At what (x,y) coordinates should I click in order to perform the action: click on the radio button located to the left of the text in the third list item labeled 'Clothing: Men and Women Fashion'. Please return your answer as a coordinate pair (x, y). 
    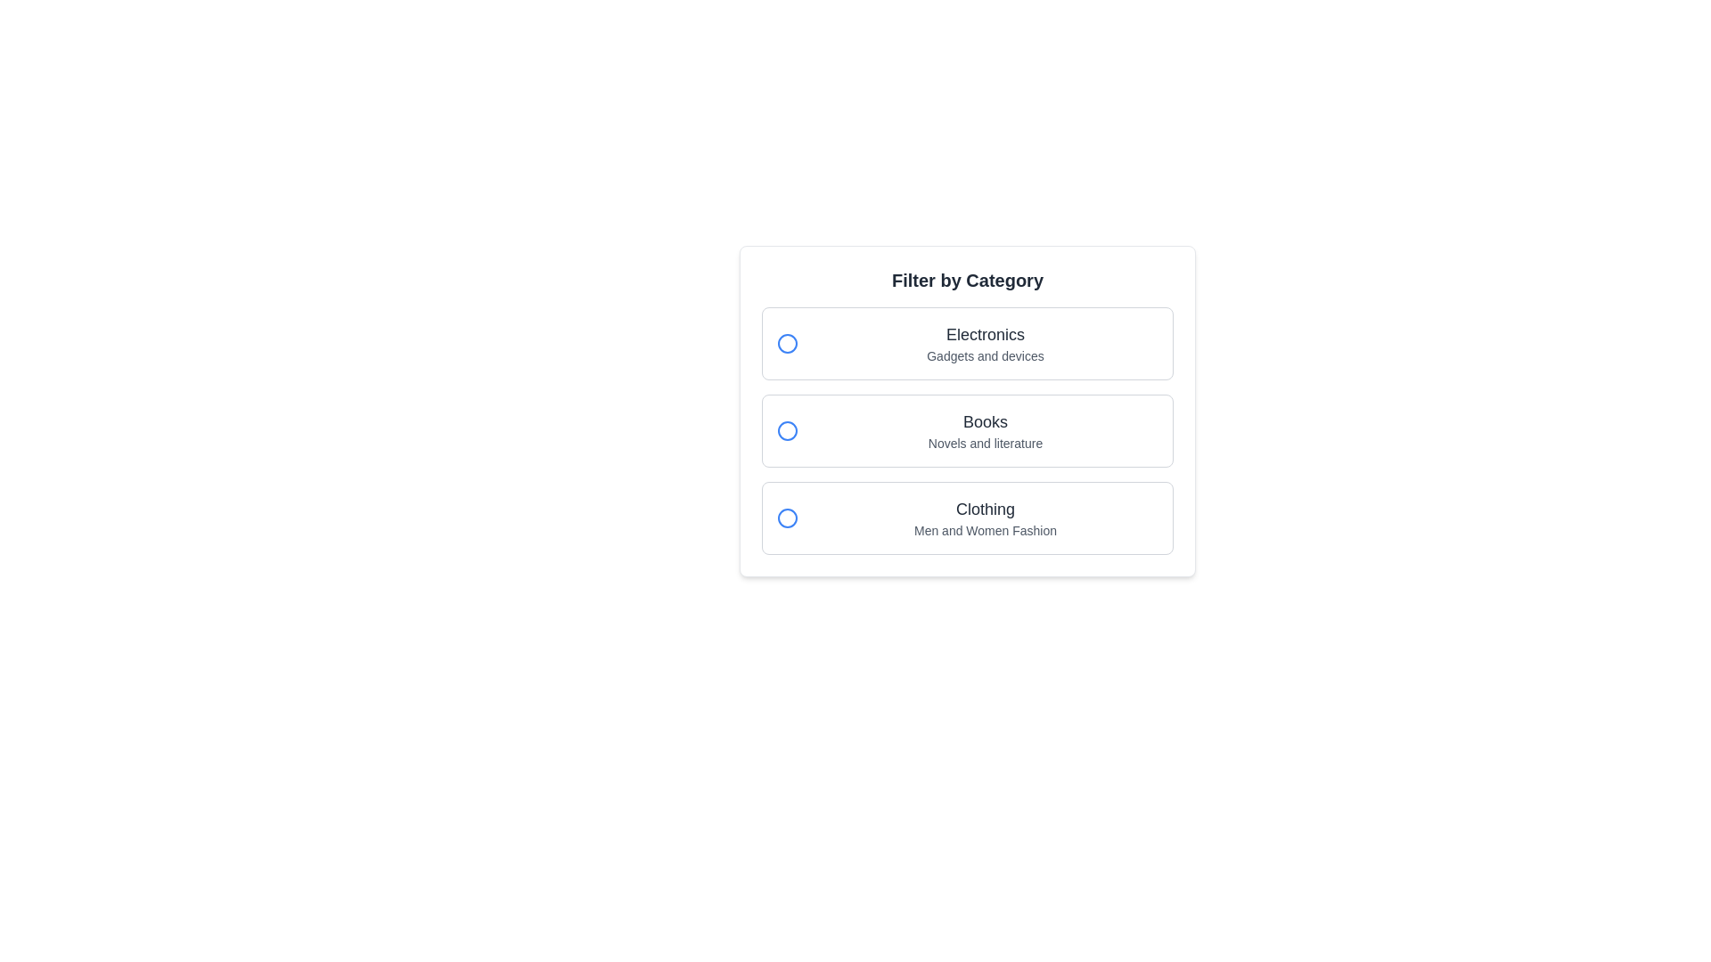
    Looking at the image, I should click on (786, 518).